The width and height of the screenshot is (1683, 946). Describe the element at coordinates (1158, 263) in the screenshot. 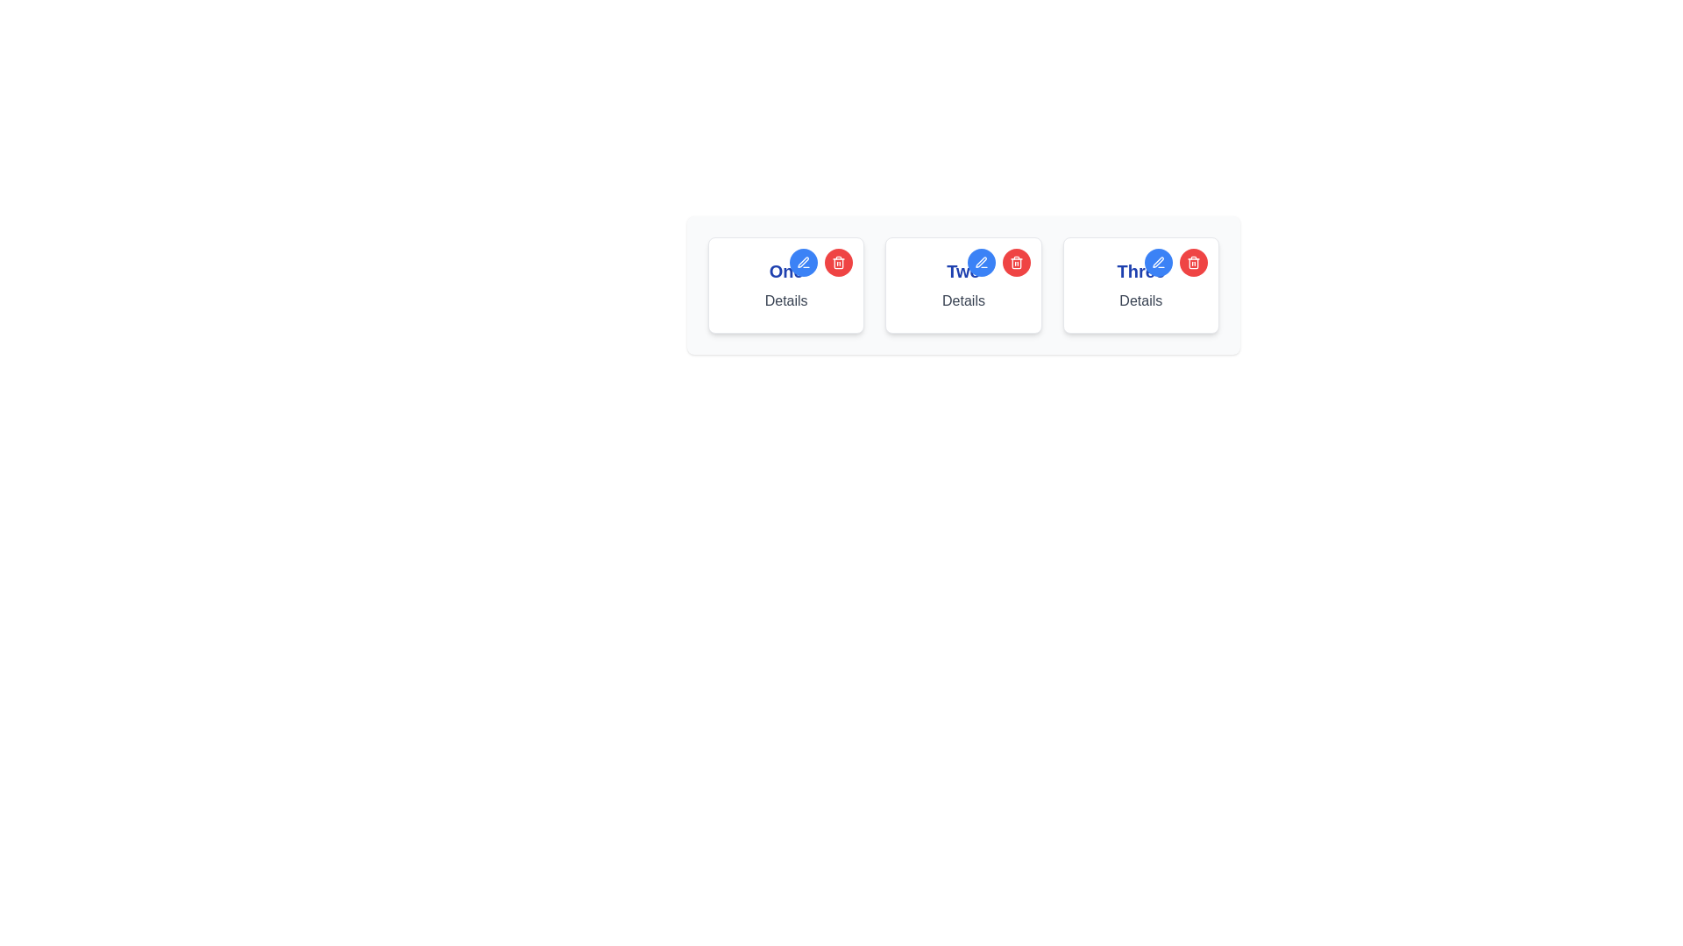

I see `the small circular button with a blue background and a white pen icon to initiate editing` at that location.